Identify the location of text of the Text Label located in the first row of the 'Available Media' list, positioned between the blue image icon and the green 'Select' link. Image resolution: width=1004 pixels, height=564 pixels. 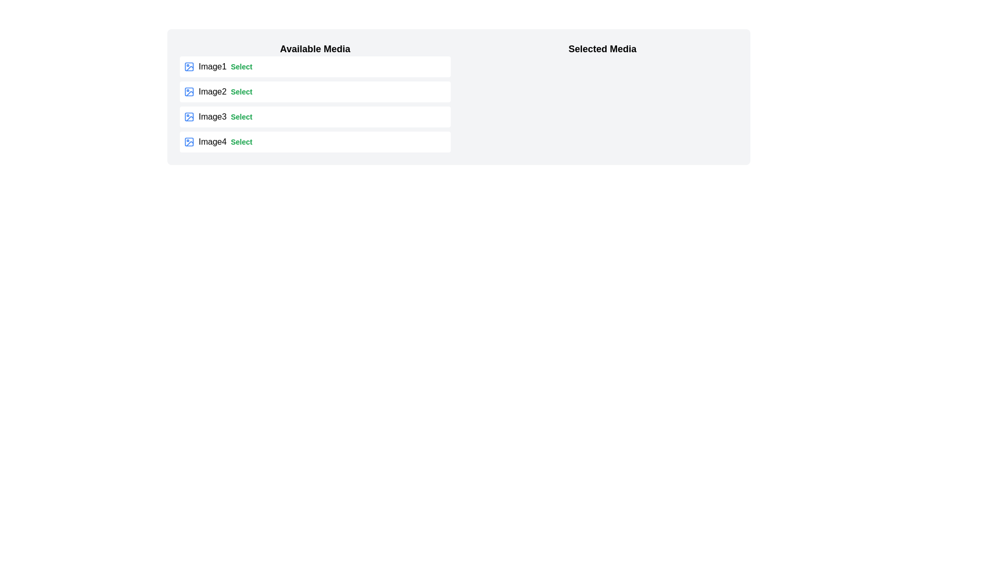
(212, 66).